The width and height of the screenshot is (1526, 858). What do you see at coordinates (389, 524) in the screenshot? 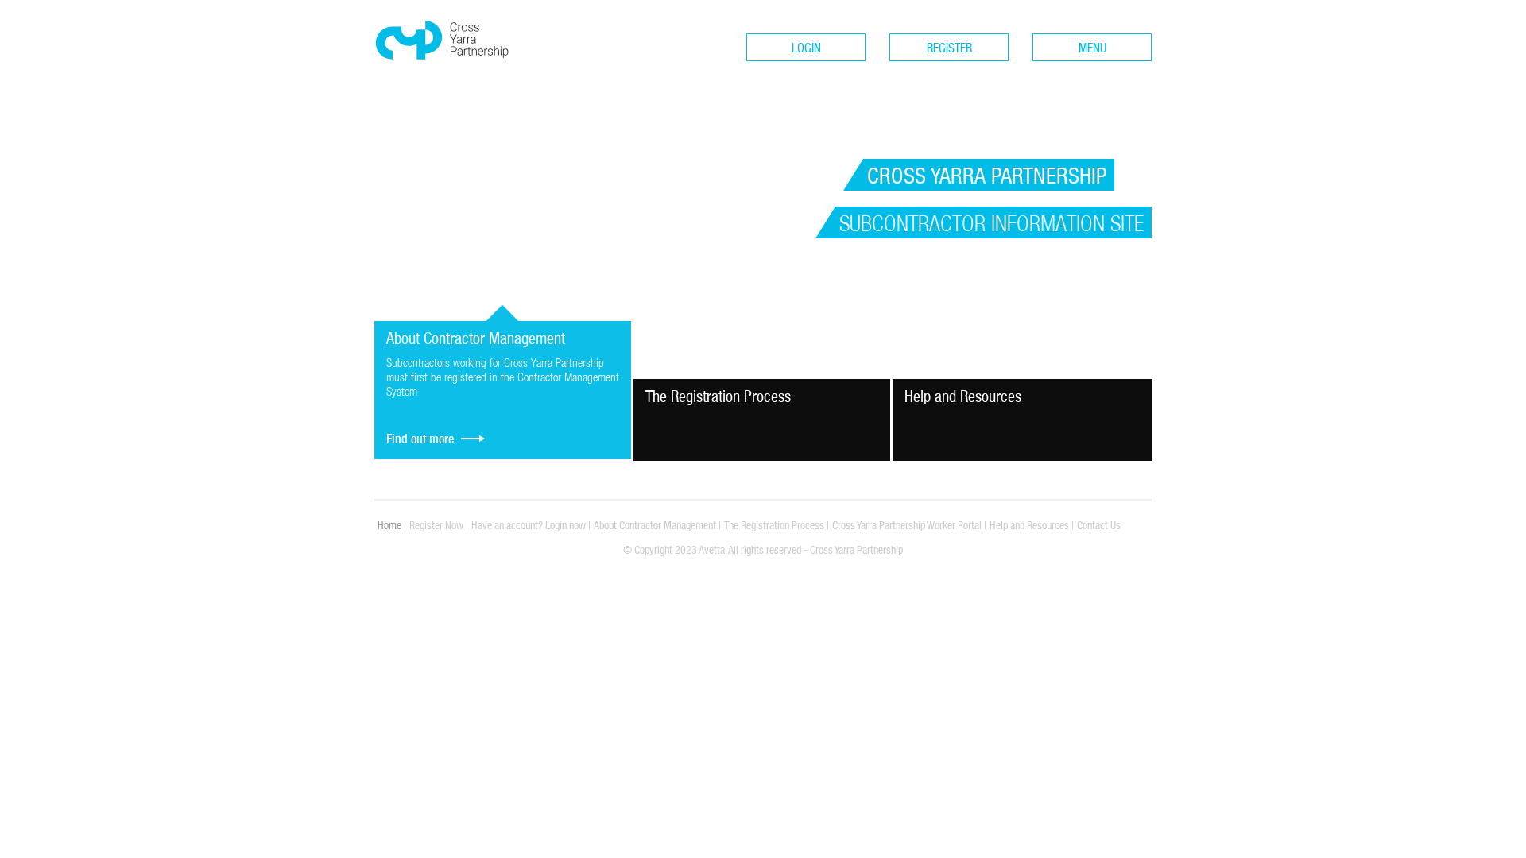
I see `'Home'` at bounding box center [389, 524].